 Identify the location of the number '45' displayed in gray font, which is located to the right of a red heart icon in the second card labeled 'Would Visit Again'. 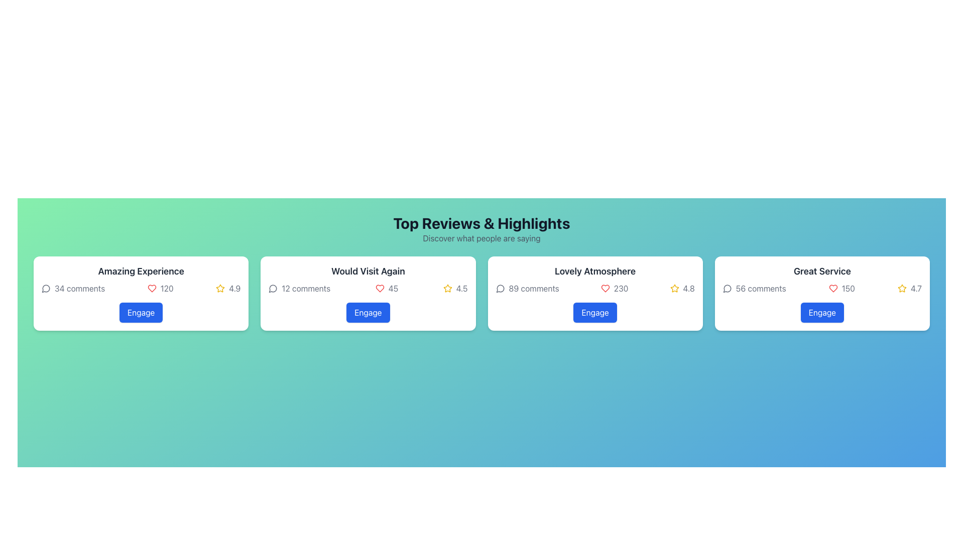
(393, 288).